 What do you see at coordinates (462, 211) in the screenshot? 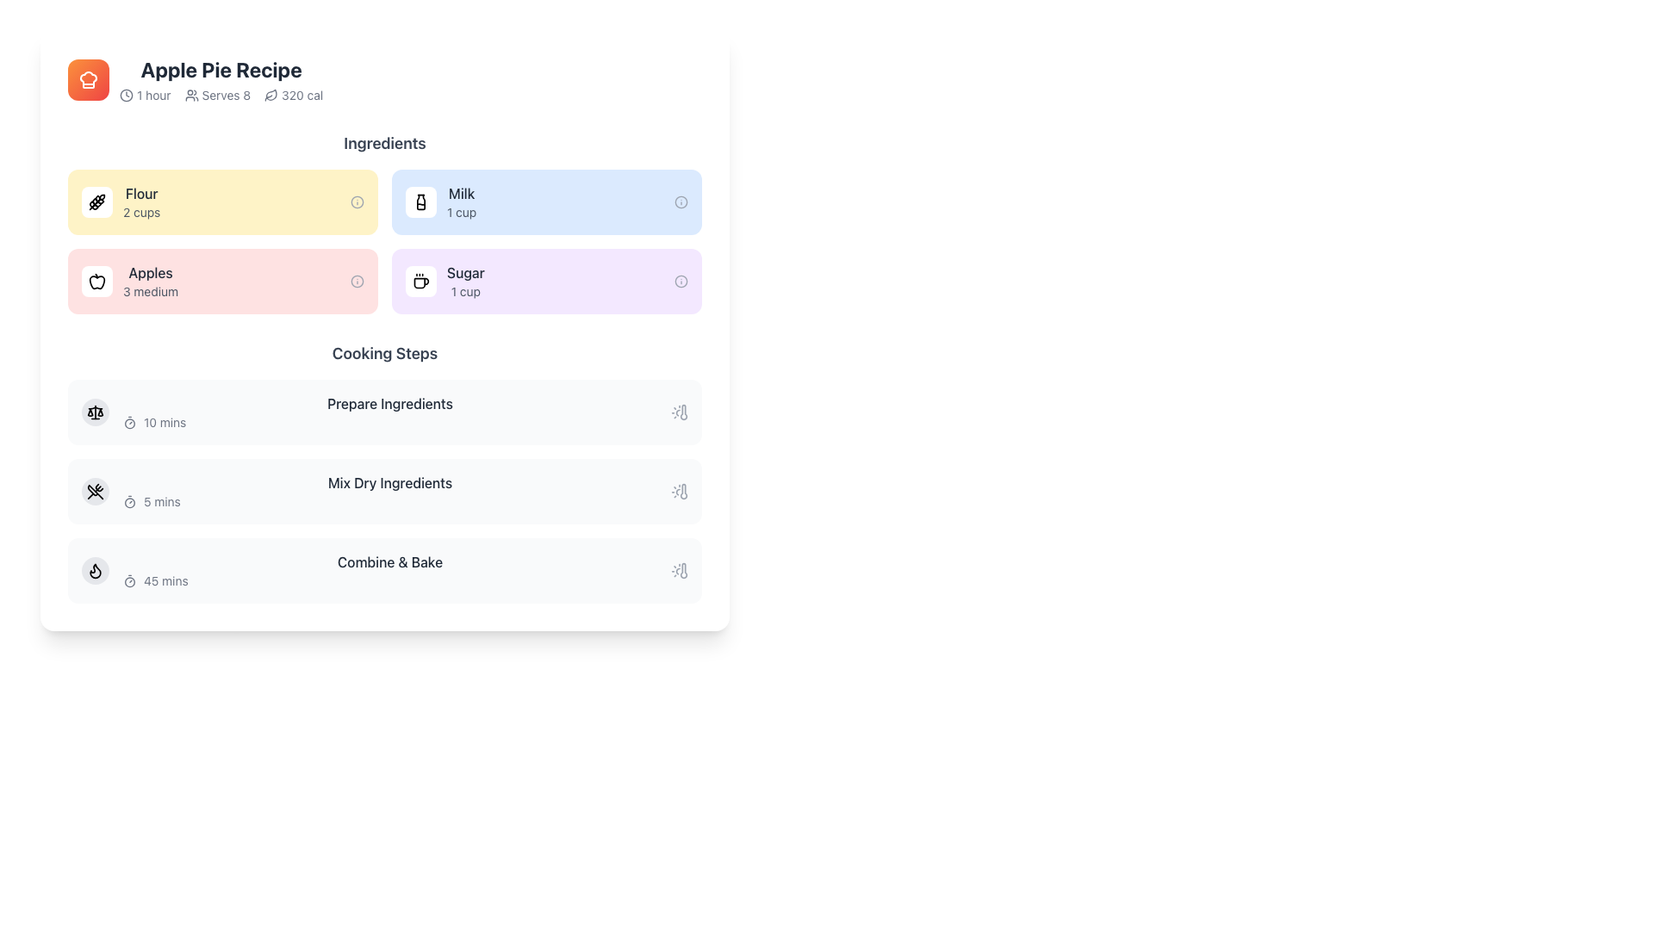
I see `text label '1 cup' which is styled with a small font size and gray color, located within the 'Milk' section of the interface` at bounding box center [462, 211].